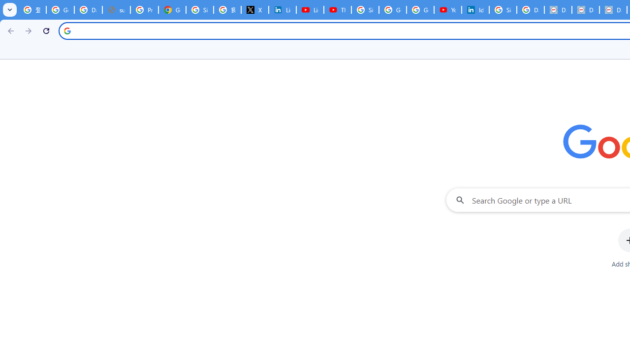 The height and width of the screenshot is (354, 630). I want to click on 'support.google.com - Network error', so click(116, 10).